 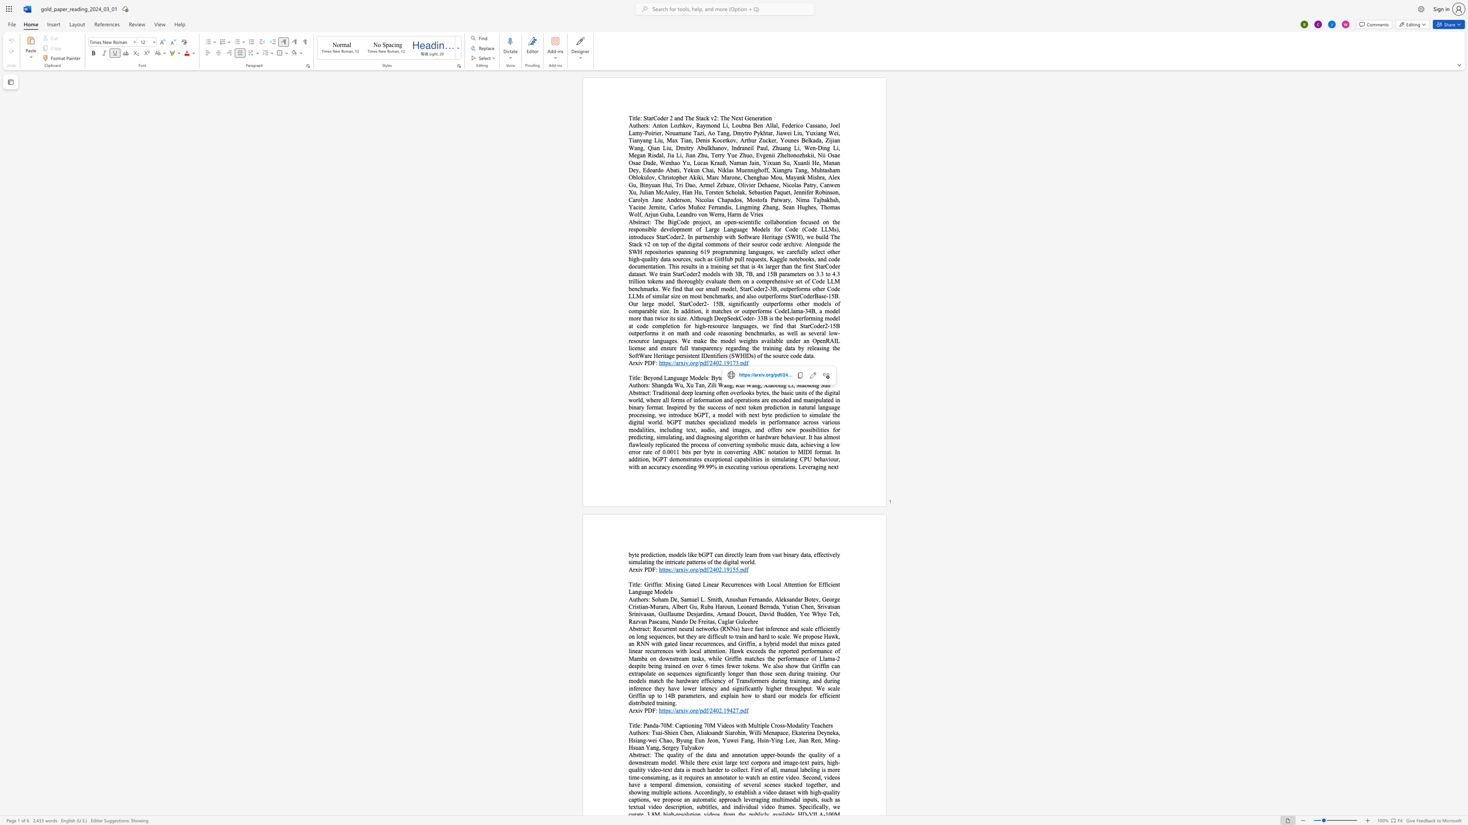 What do you see at coordinates (789, 377) in the screenshot?
I see `the 1th character "S" in the text` at bounding box center [789, 377].